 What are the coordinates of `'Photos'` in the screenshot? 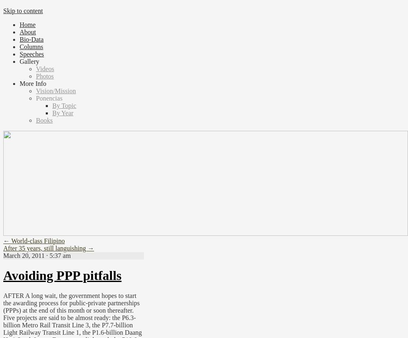 It's located at (36, 76).